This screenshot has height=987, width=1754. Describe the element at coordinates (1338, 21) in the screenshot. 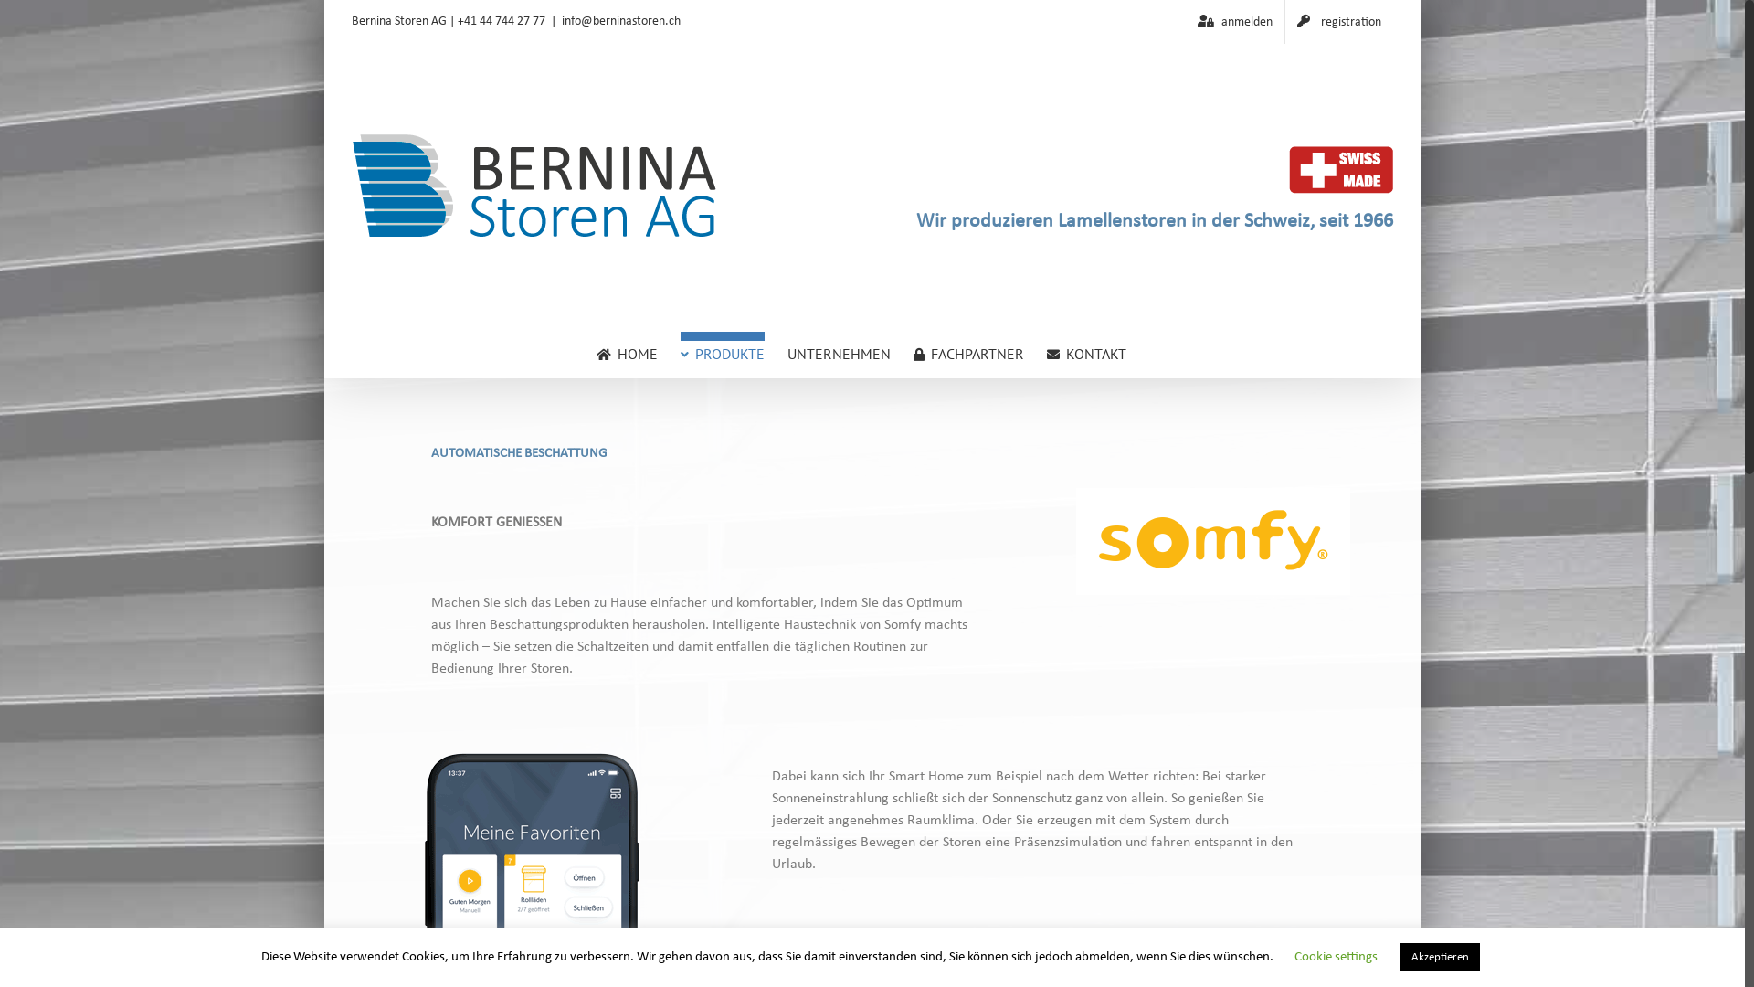

I see `'registration'` at that location.